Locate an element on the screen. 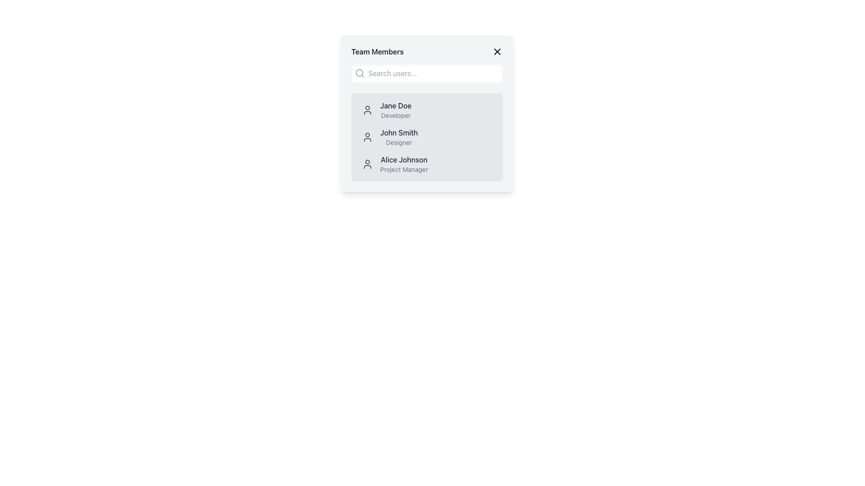  the 'X' close icon located in the top-right corner of the 'Team Members' panel is located at coordinates (497, 52).